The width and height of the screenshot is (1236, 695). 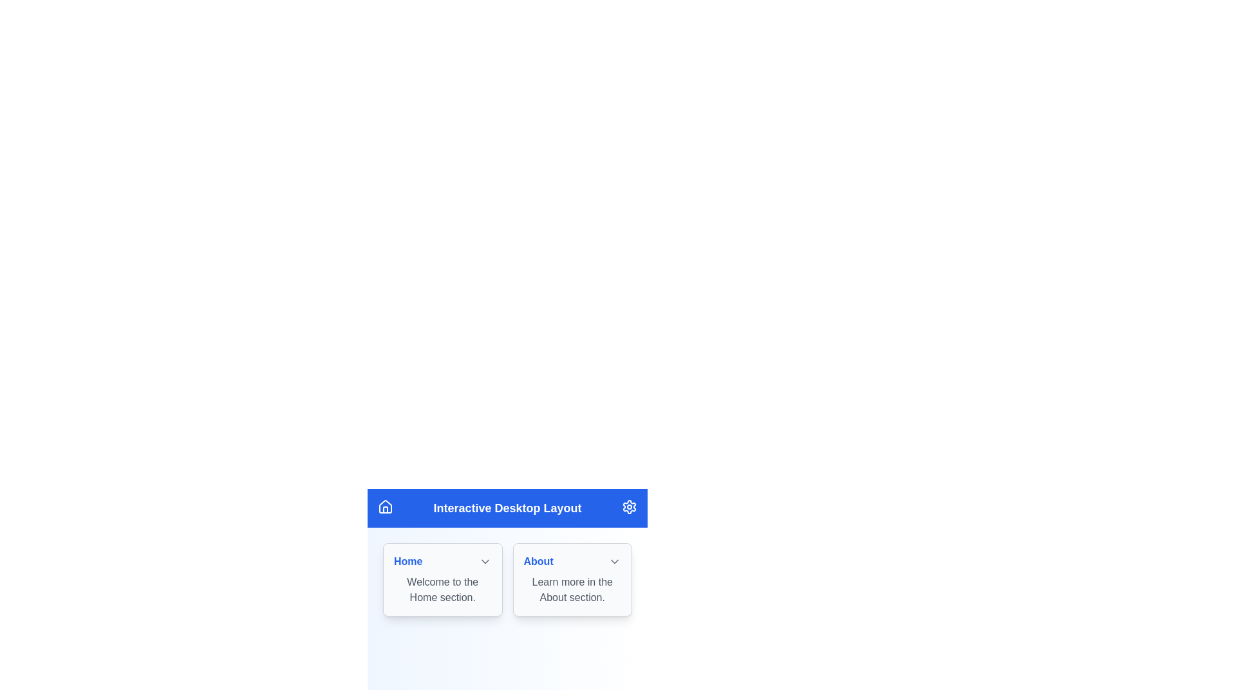 I want to click on the settings icon button located at the top-right corner of the blue header bar, adjacent to the text 'Interactive Desktop Layout' and opposite to the house icon, so click(x=630, y=506).